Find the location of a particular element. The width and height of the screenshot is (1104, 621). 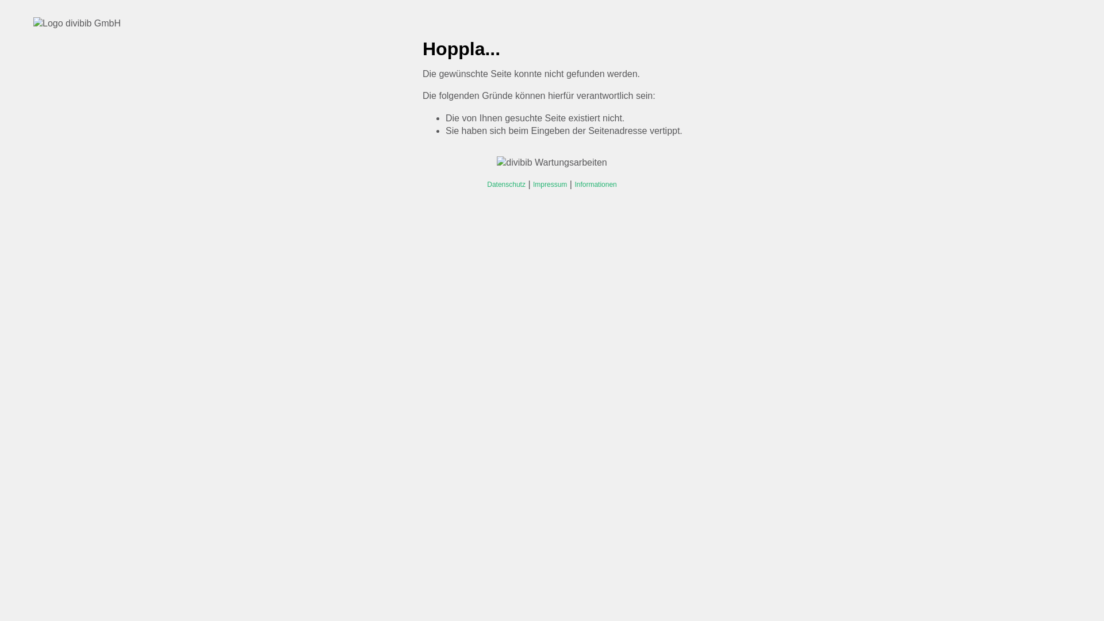

'Informationen' is located at coordinates (595, 184).